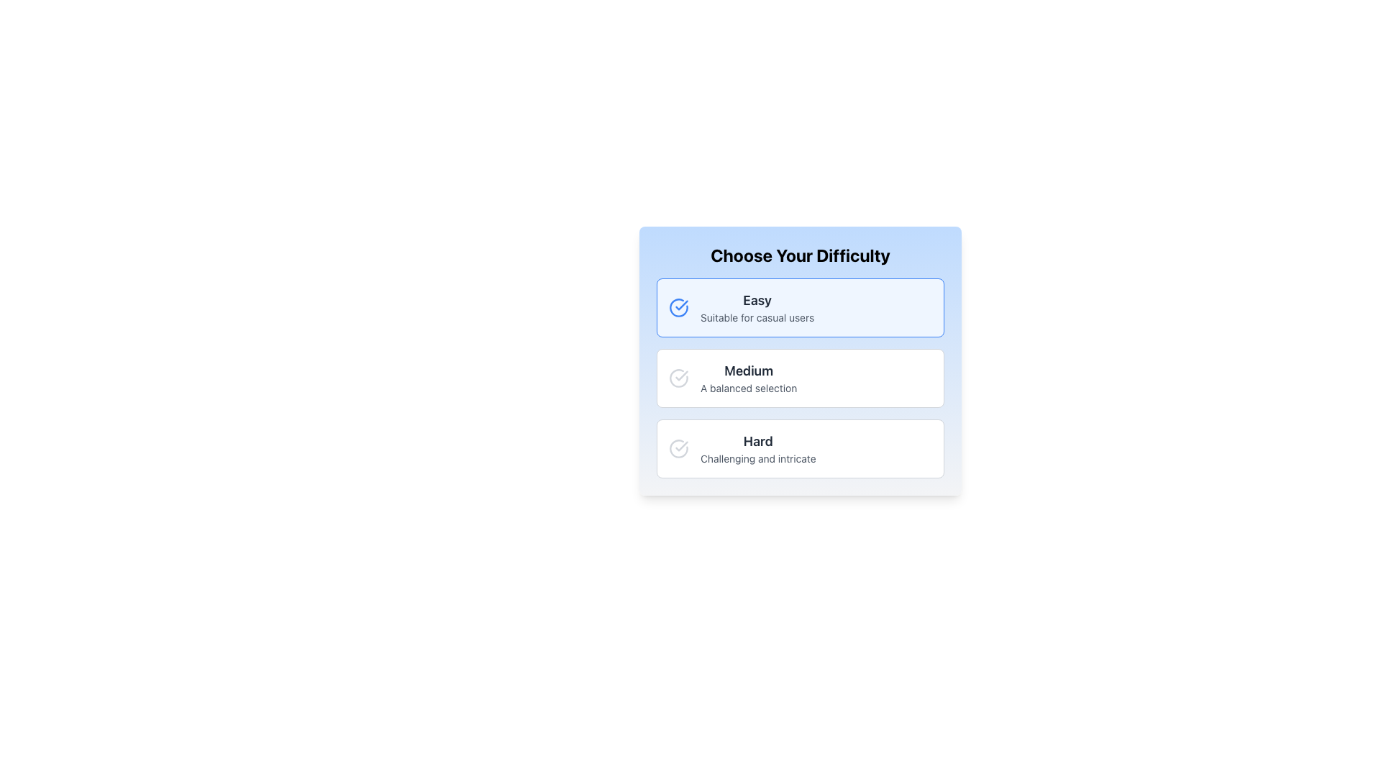 Image resolution: width=1381 pixels, height=777 pixels. What do you see at coordinates (681, 304) in the screenshot?
I see `the blue checkmark icon in the 'Choose Your Difficulty' interface, located next to the text 'Easy'` at bounding box center [681, 304].